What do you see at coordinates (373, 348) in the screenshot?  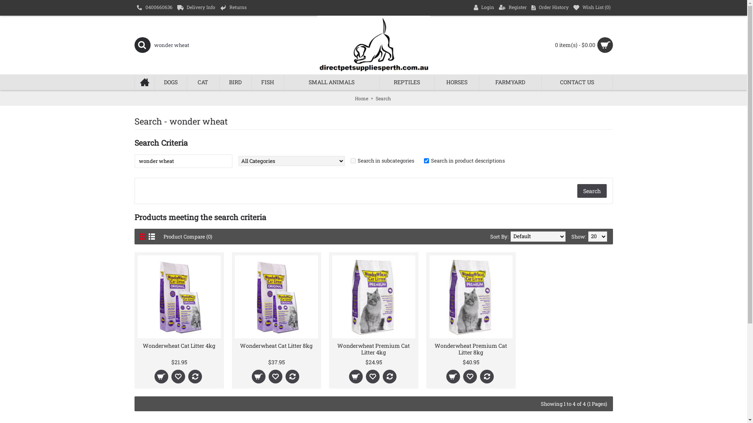 I see `'Wonderwheat Premium Cat Litter 4kg'` at bounding box center [373, 348].